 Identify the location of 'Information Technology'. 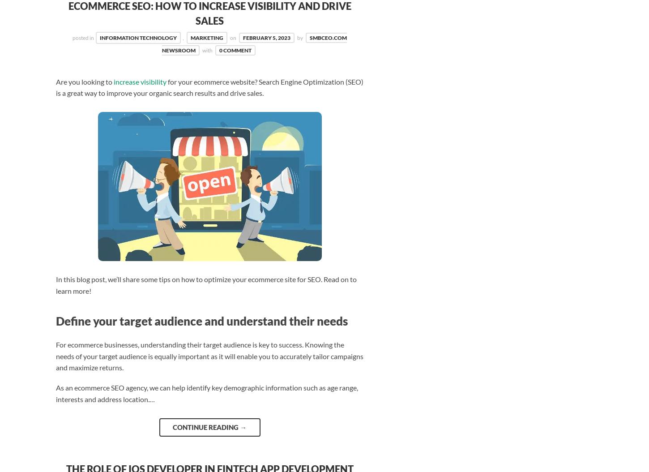
(138, 37).